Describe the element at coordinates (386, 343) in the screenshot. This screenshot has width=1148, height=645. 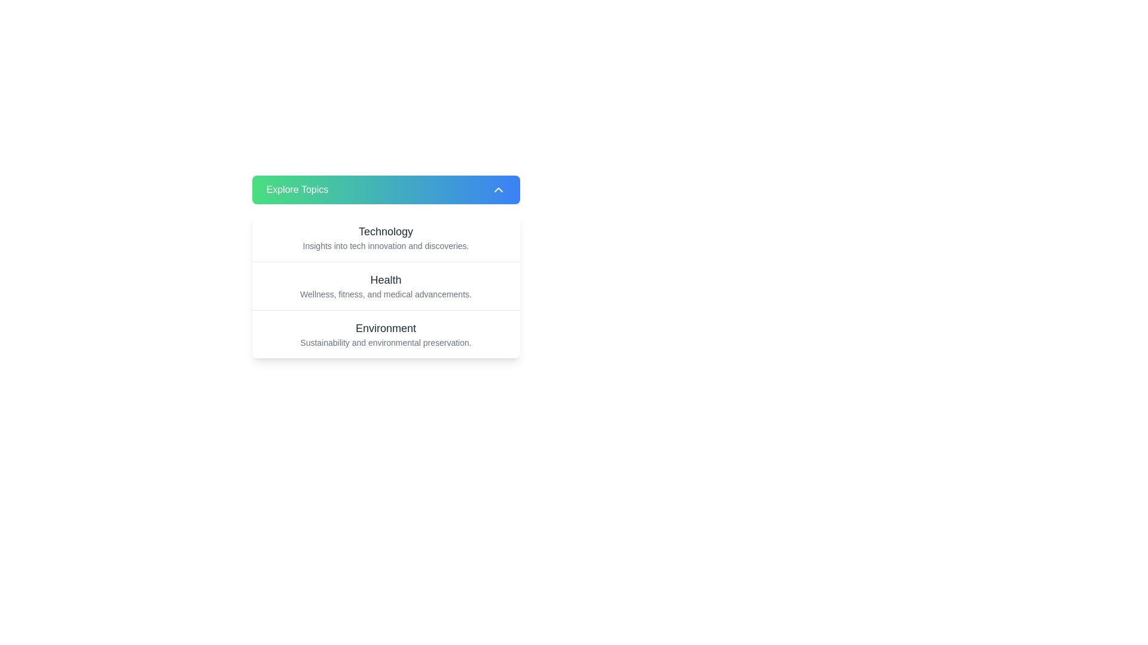
I see `the descriptive text element that reads 'Sustainability and environmental preservation,' which is styled in gray and positioned below the 'Environment' header in the 'Explore Topics' section` at that location.